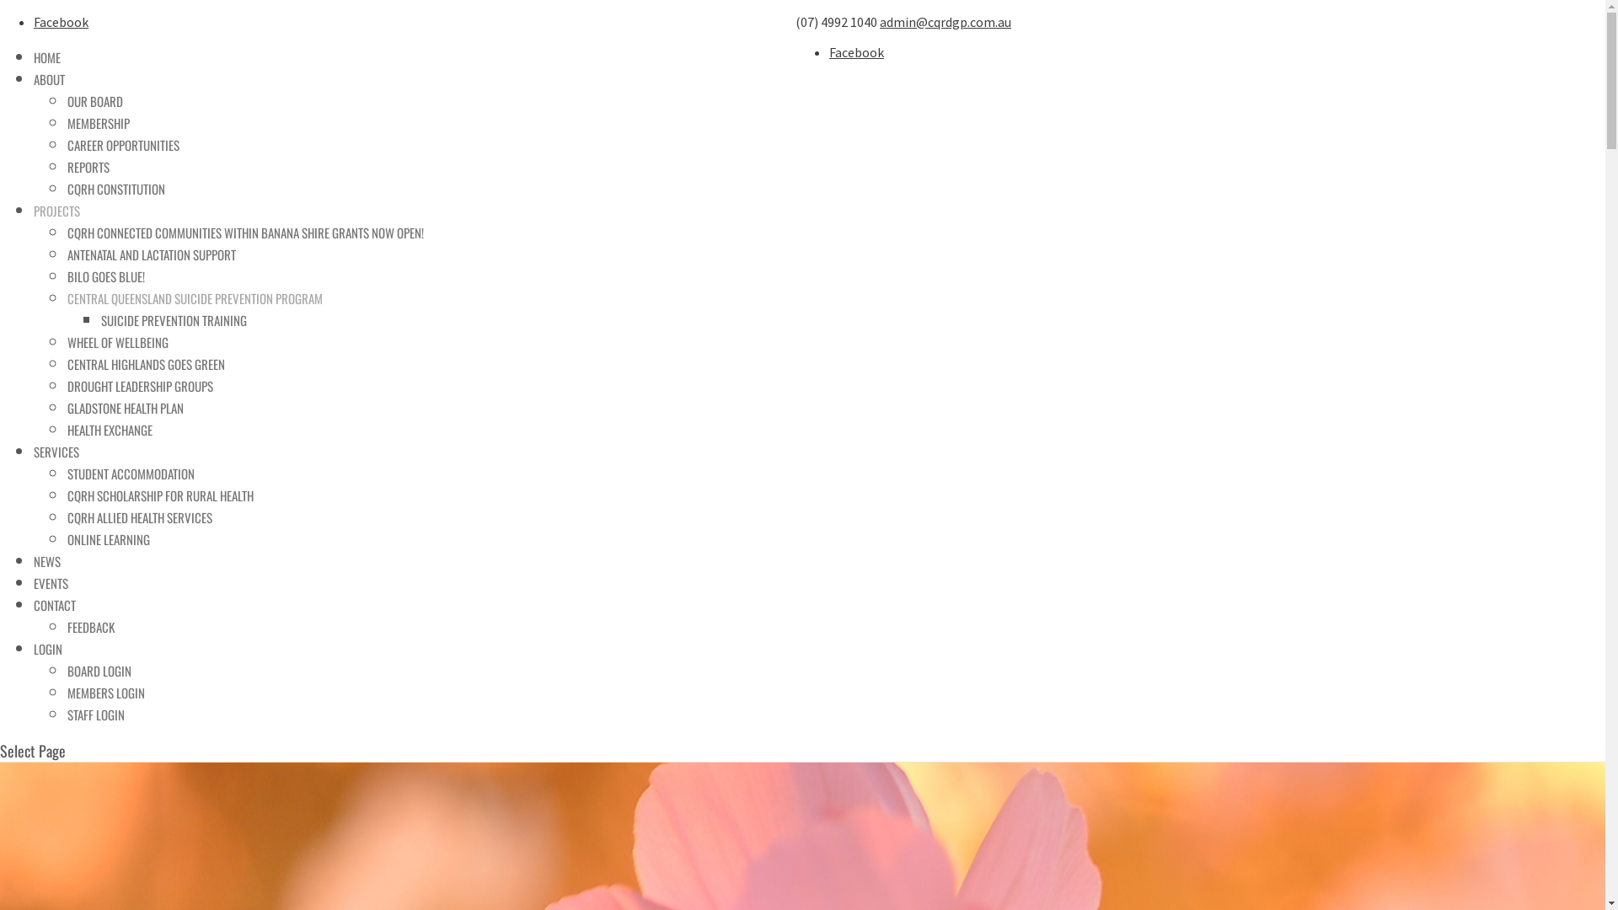 The image size is (1618, 910). I want to click on 'SERVICES', so click(56, 451).